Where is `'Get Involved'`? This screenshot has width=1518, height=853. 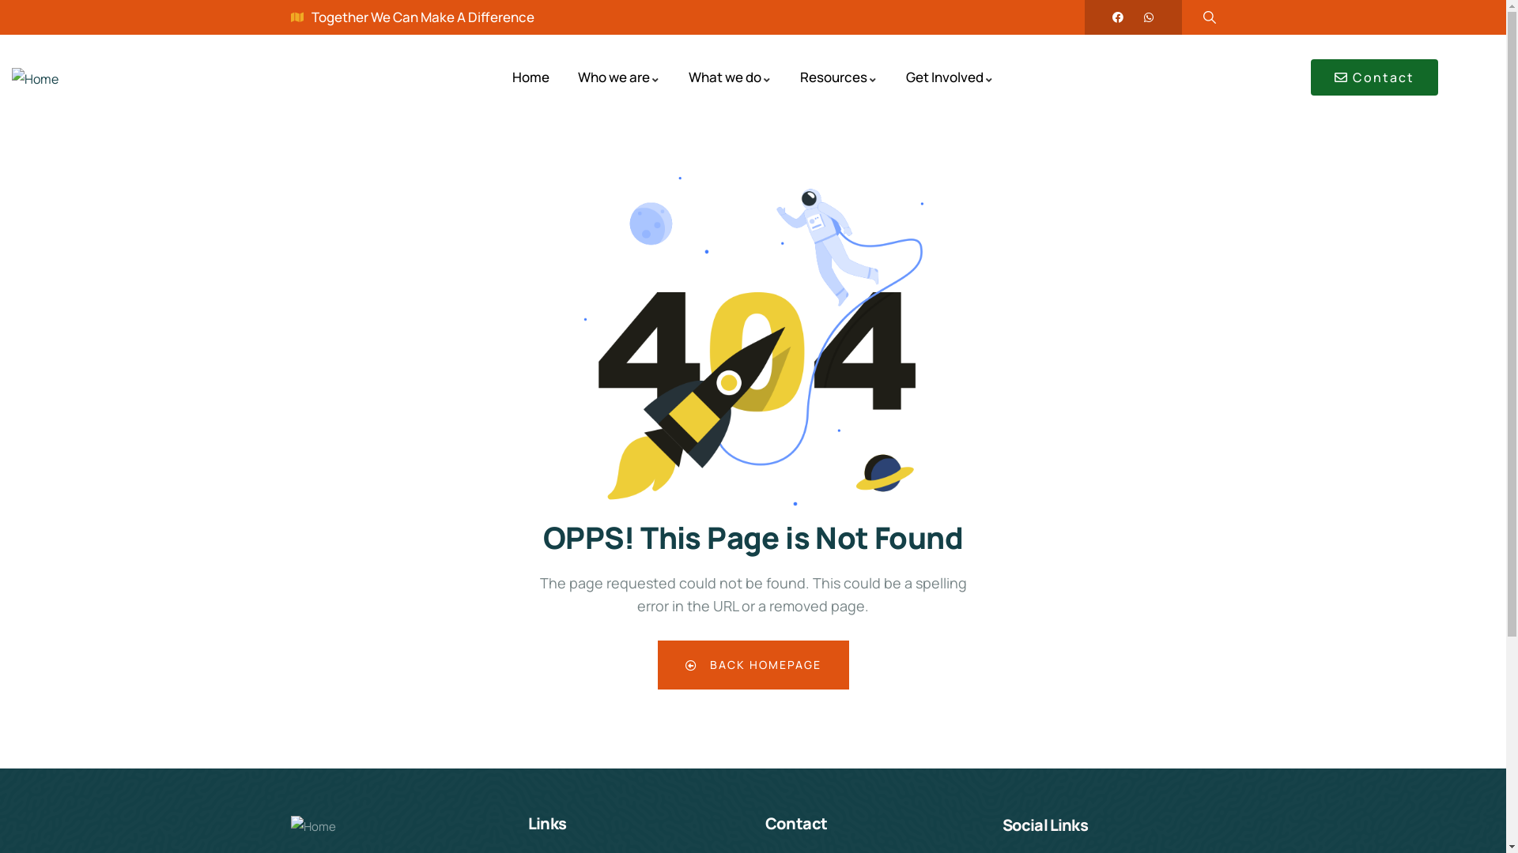
'Get Involved' is located at coordinates (949, 77).